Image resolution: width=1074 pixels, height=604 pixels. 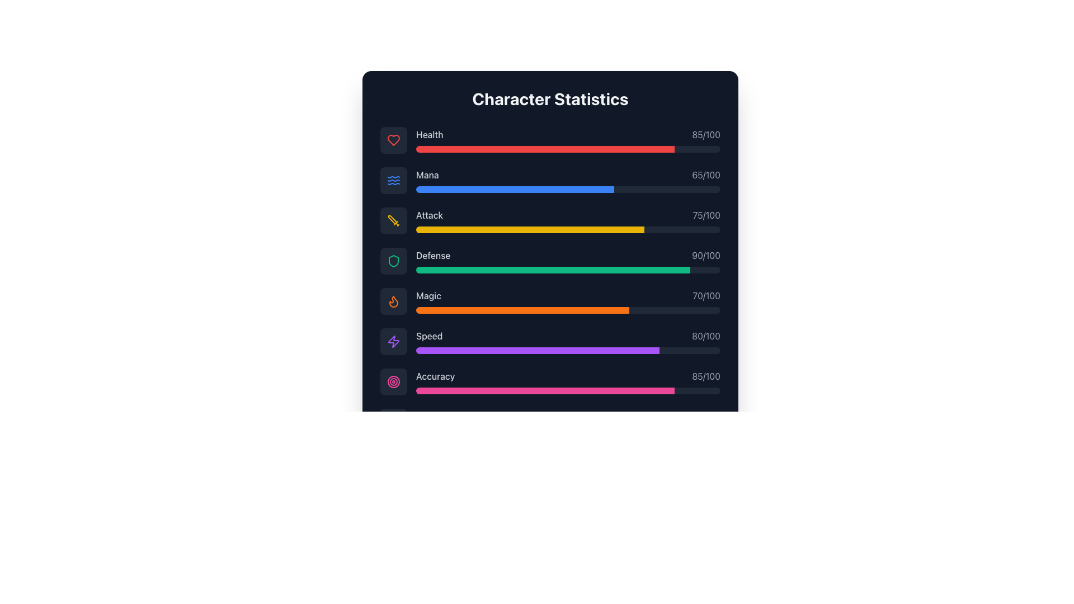 I want to click on the 'Character Statistics' heading, which is a bold and prominent text element located at the top of the character statistics card, so click(x=550, y=98).